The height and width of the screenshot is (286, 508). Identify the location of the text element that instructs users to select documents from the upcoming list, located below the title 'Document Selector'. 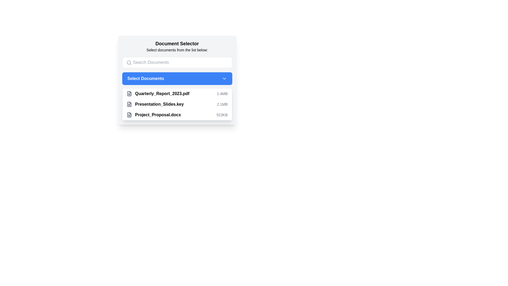
(177, 50).